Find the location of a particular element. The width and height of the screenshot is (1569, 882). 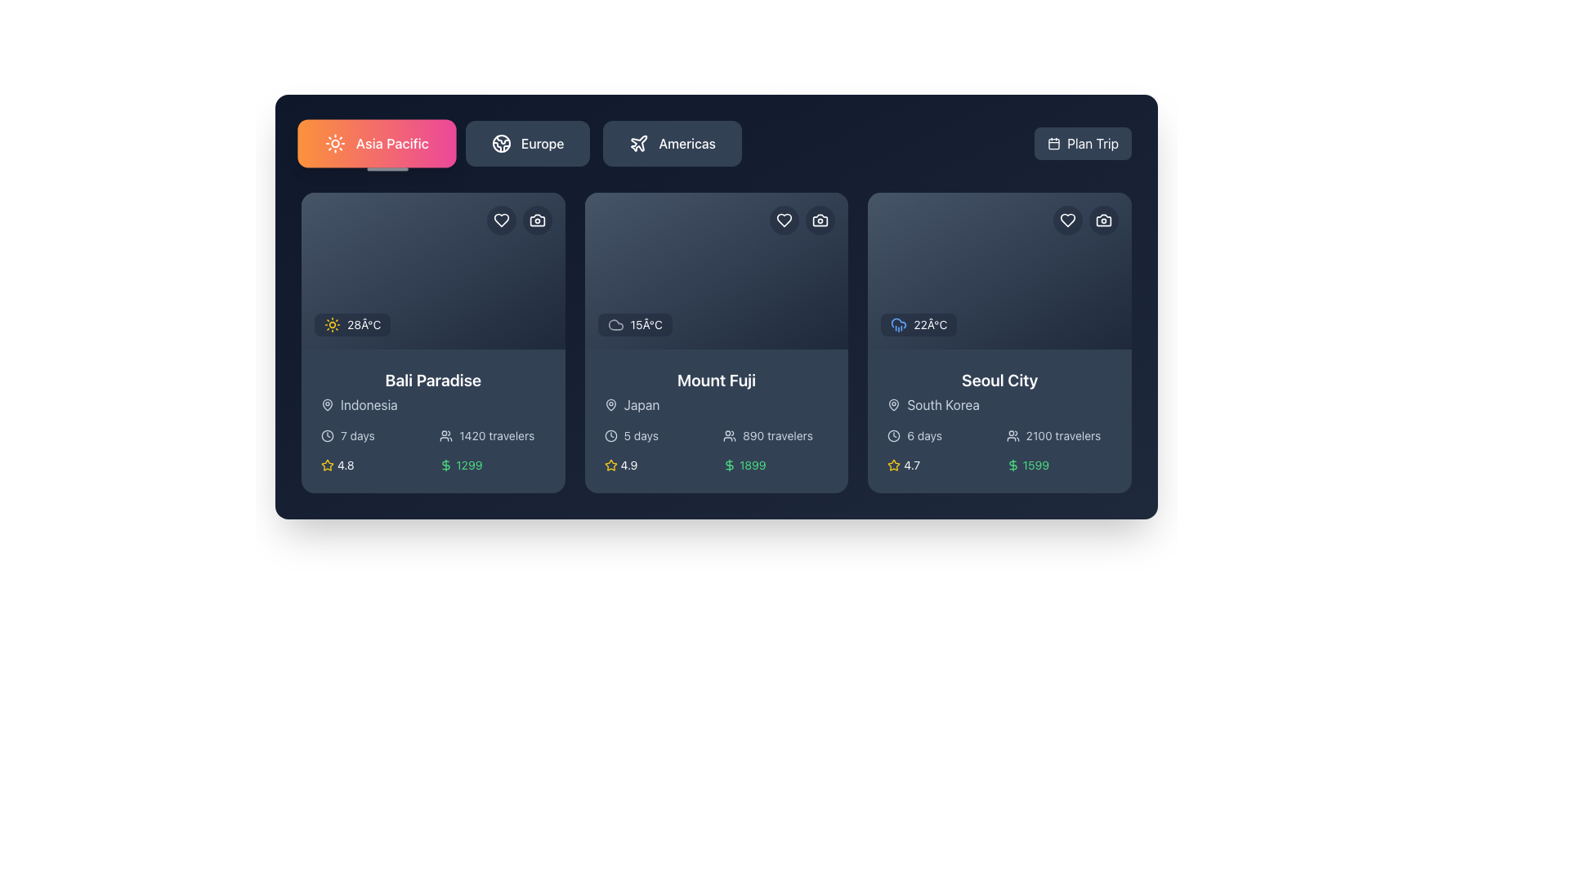

the icon resembling the outline of two user figures, which is positioned to the left of the '890 travelers' text in the 'Mount Fuji' card element is located at coordinates (728, 434).